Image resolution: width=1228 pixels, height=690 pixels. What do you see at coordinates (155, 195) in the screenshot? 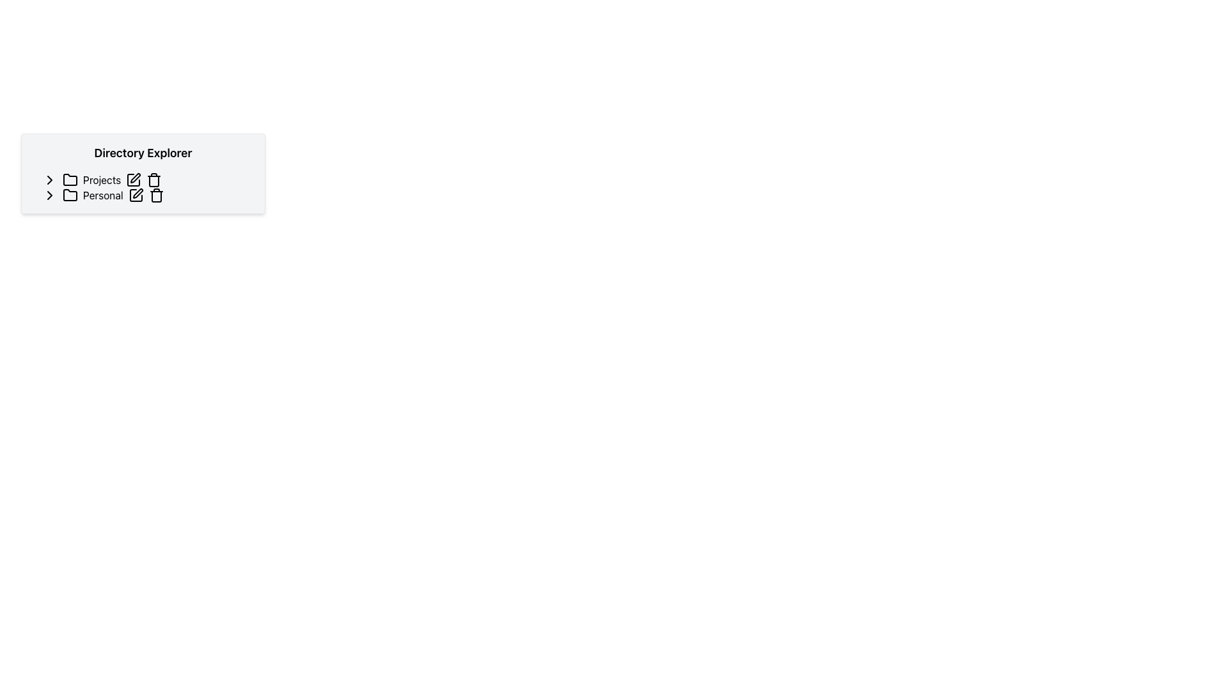
I see `the delete button (trash icon) located in the second row of the directory explorer, to the right of the 'Personal' item, which is the second icon from the left` at bounding box center [155, 195].